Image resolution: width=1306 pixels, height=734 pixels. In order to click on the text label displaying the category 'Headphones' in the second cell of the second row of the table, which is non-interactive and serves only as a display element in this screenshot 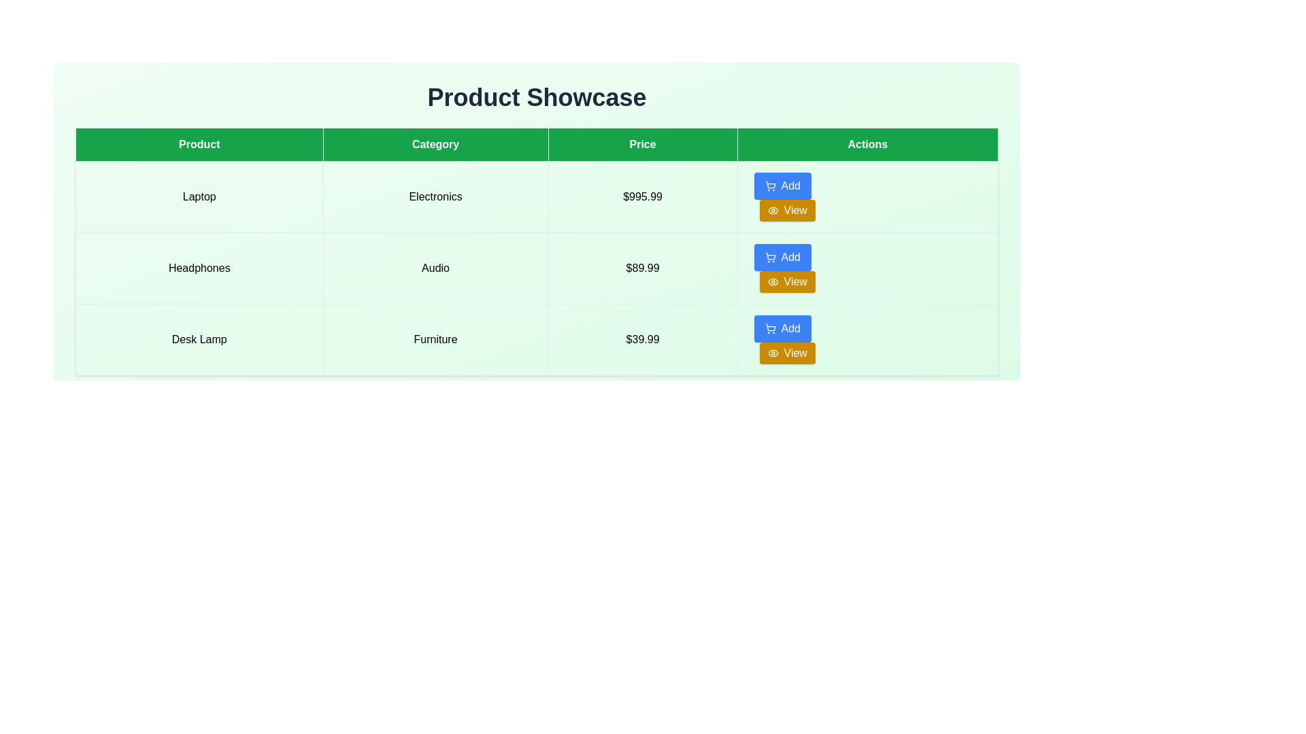, I will do `click(435, 268)`.